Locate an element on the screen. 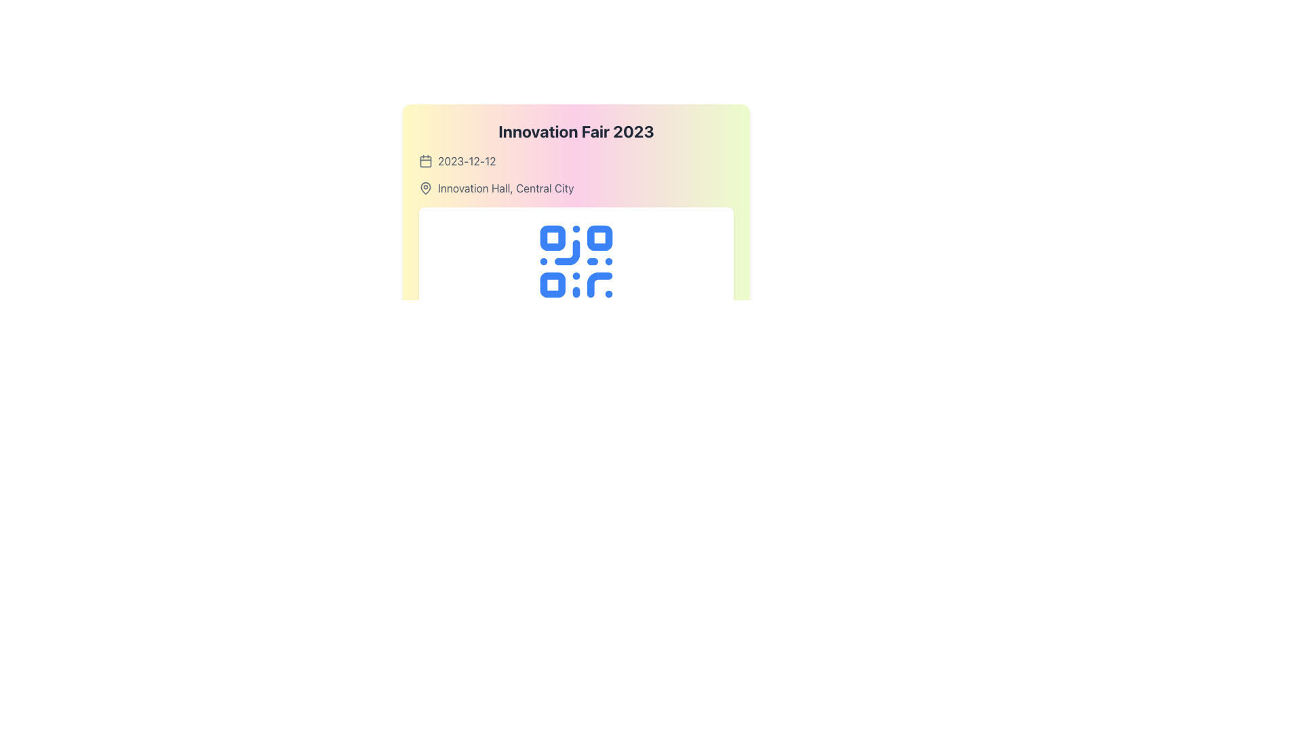 The height and width of the screenshot is (732, 1302). QR-code styled SVG icon with a vibrant blue color located below the text 'Innovation Fair 2023' for technical details is located at coordinates (576, 261).